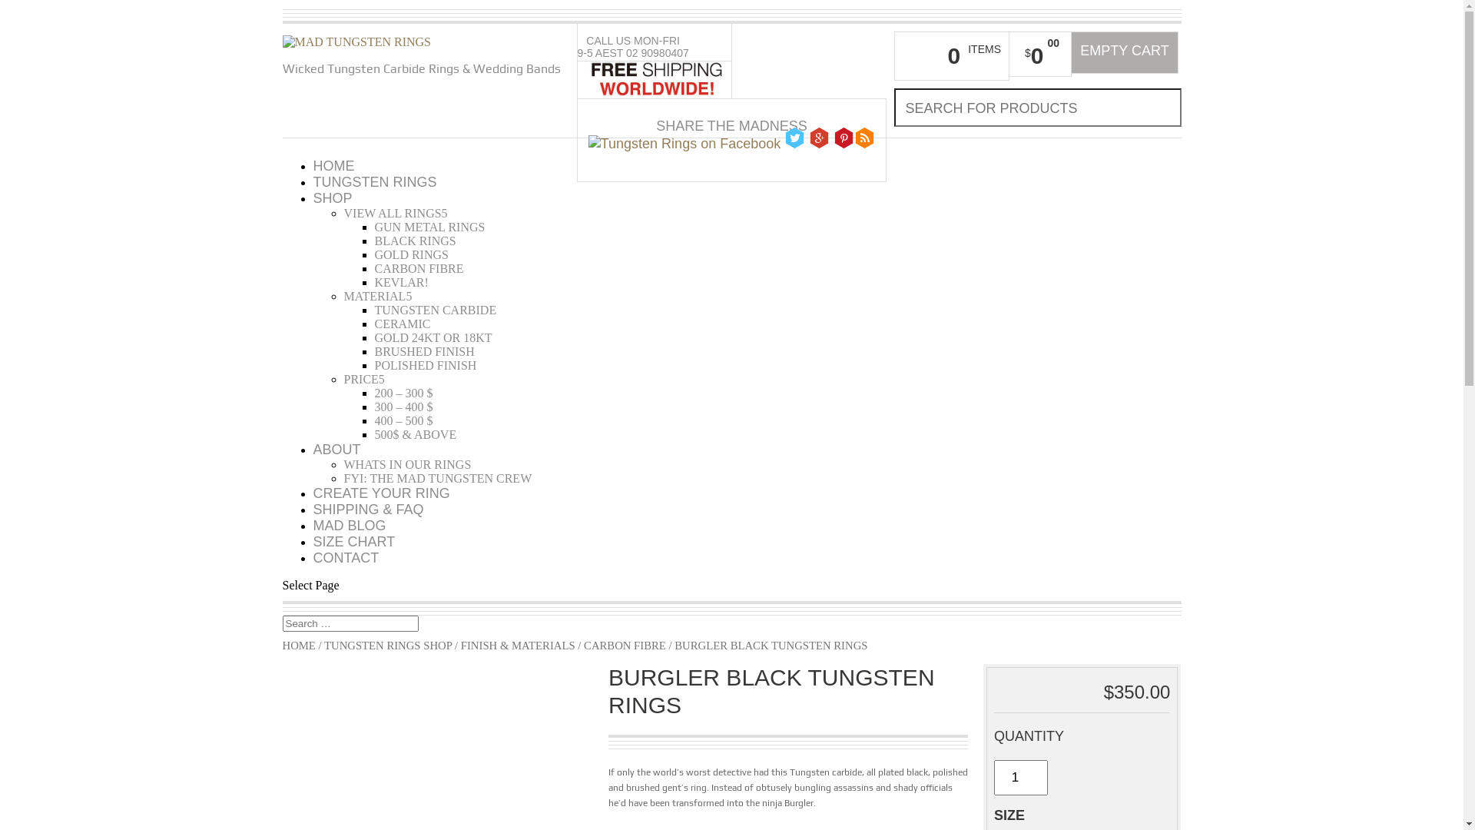 This screenshot has width=1475, height=830. Describe the element at coordinates (994, 777) in the screenshot. I see `'Qty'` at that location.